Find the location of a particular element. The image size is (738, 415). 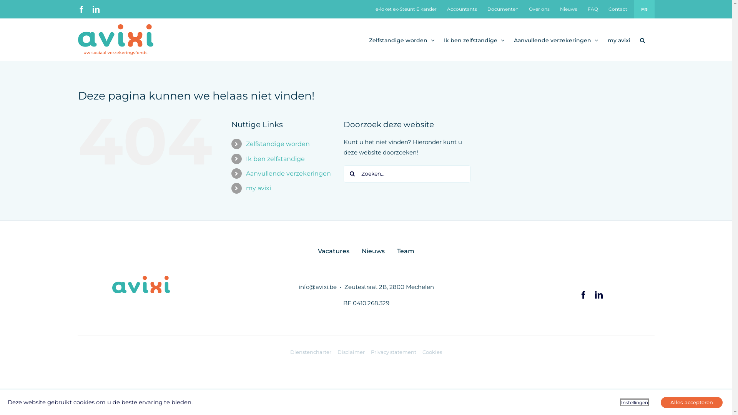

'Documenten' is located at coordinates (502, 9).